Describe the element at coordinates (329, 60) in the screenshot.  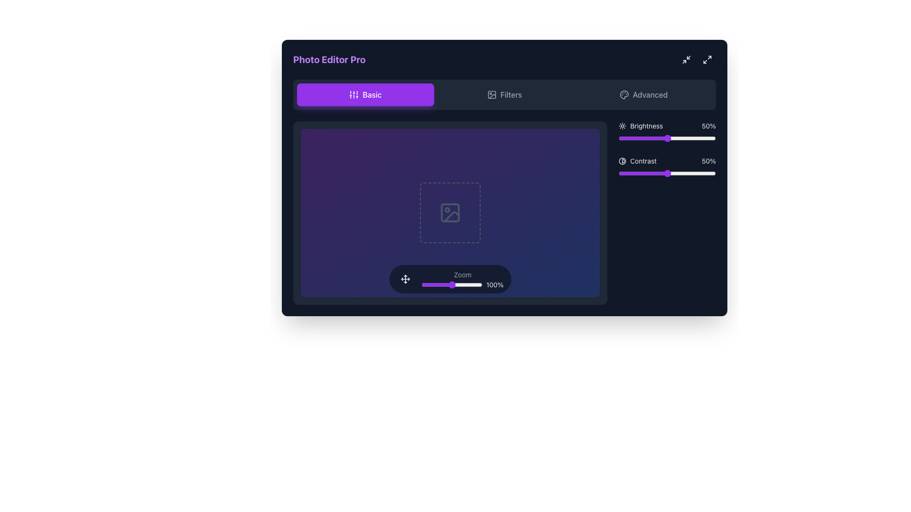
I see `the static text label located at the upper left corner of the application interface, which serves as the title or header for the application` at that location.